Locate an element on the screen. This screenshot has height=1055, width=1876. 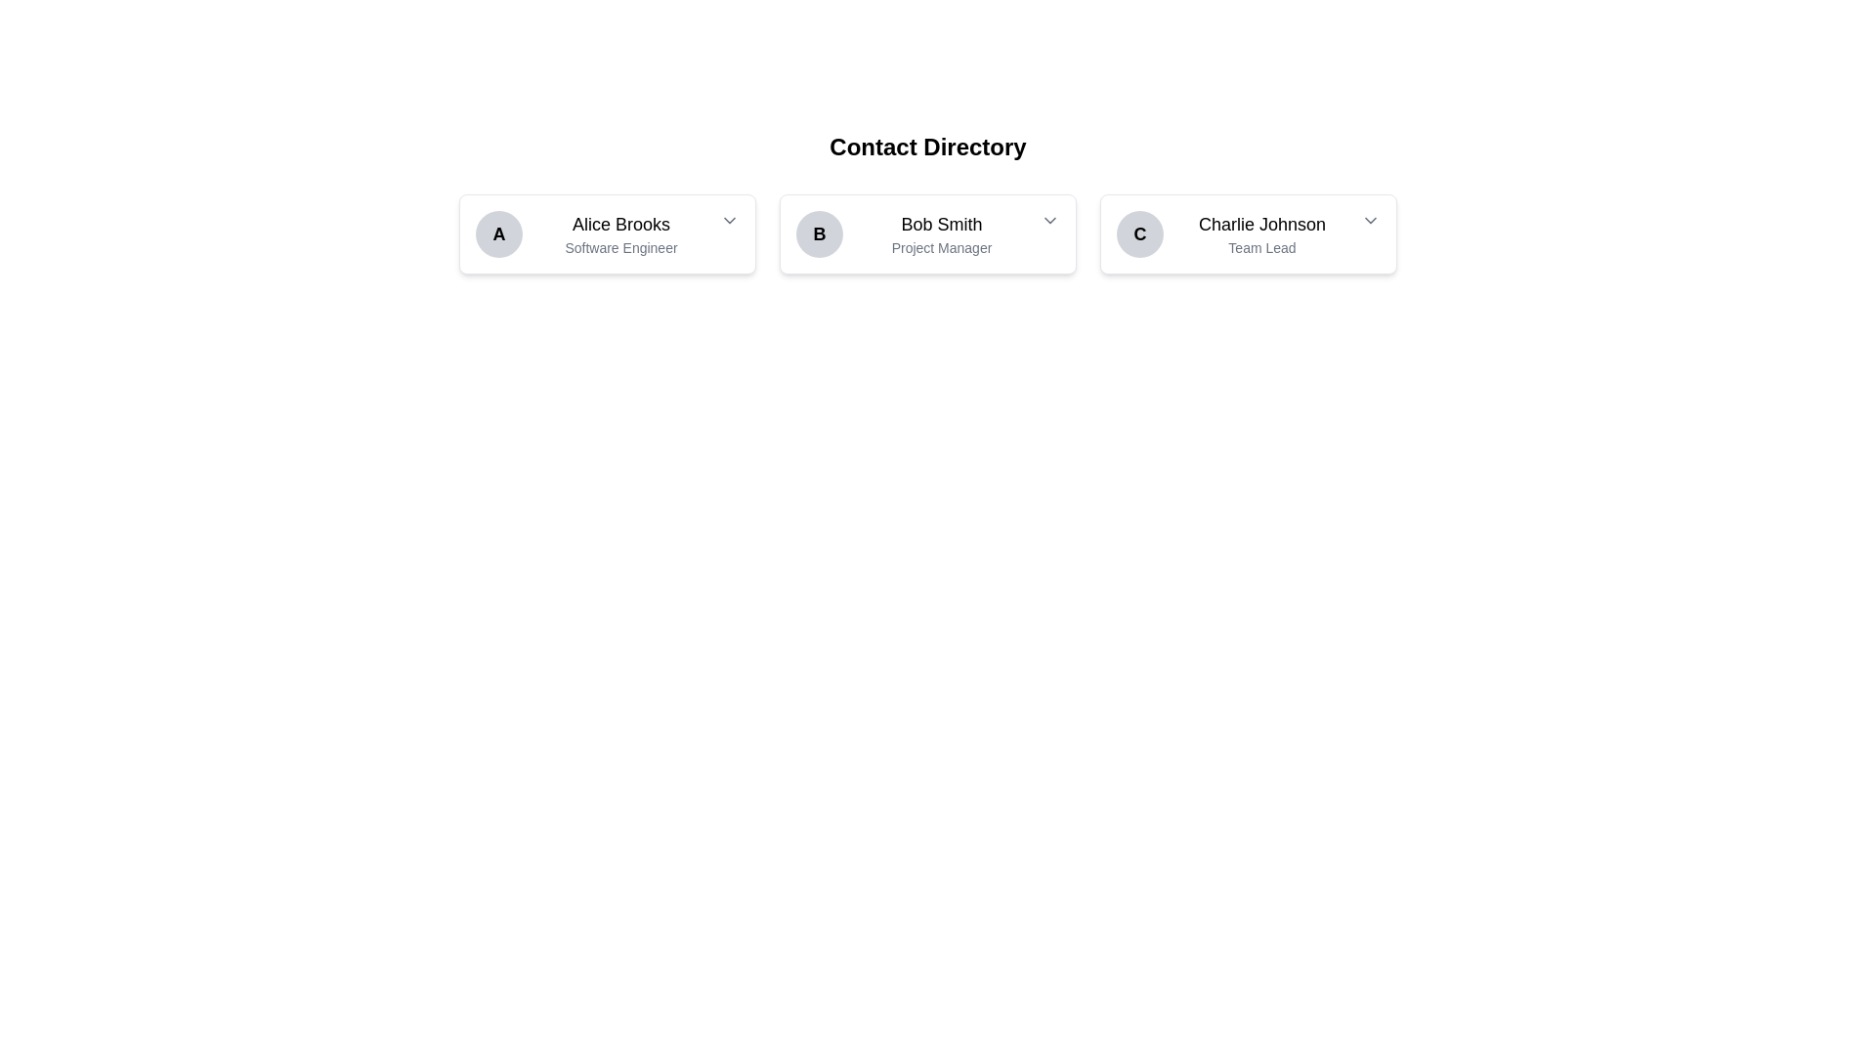
the text that indicates 'Bob Smith' as 'Project Manager', located in the center card of a three-card layout is located at coordinates (942, 247).